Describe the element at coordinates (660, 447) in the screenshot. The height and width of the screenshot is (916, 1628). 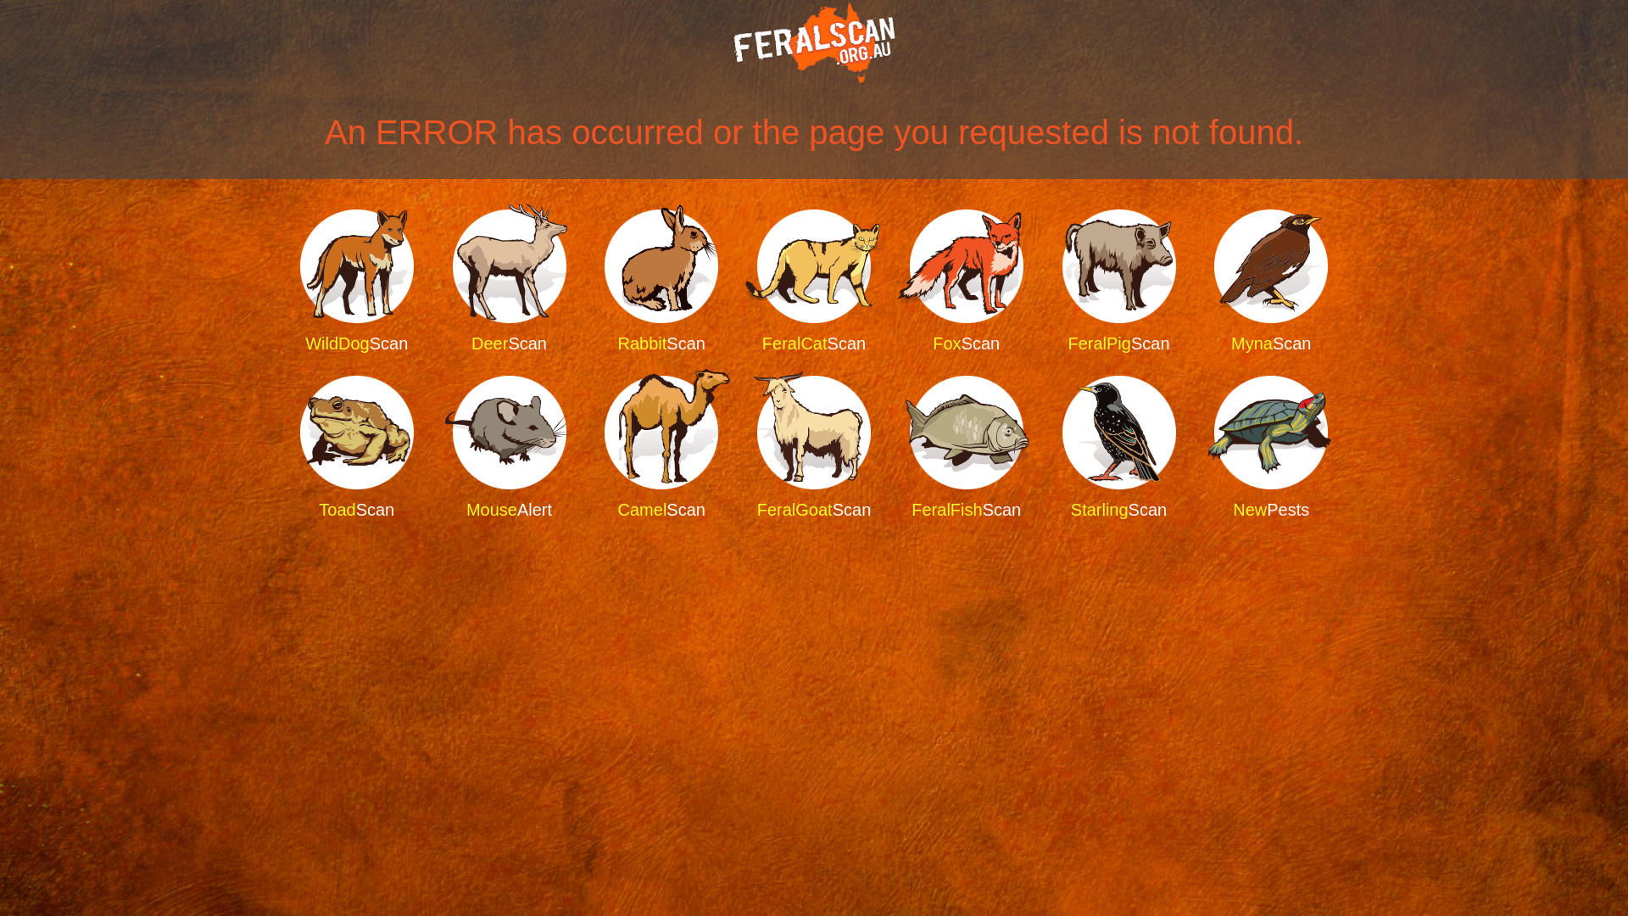
I see `'CamelScan'` at that location.